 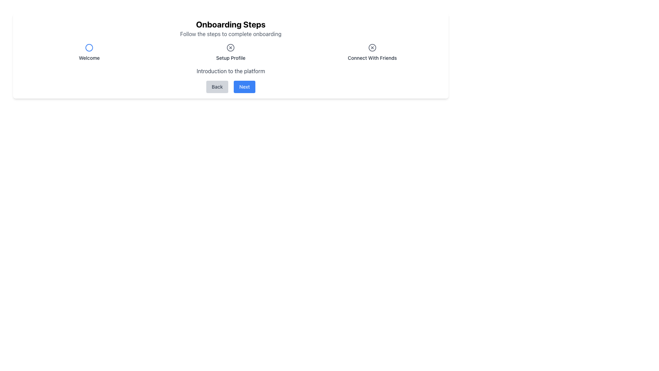 What do you see at coordinates (231, 87) in the screenshot?
I see `the button group containing the 'Back' and 'Next' buttons, specifically to provide visual feedback indicating interactivity` at bounding box center [231, 87].